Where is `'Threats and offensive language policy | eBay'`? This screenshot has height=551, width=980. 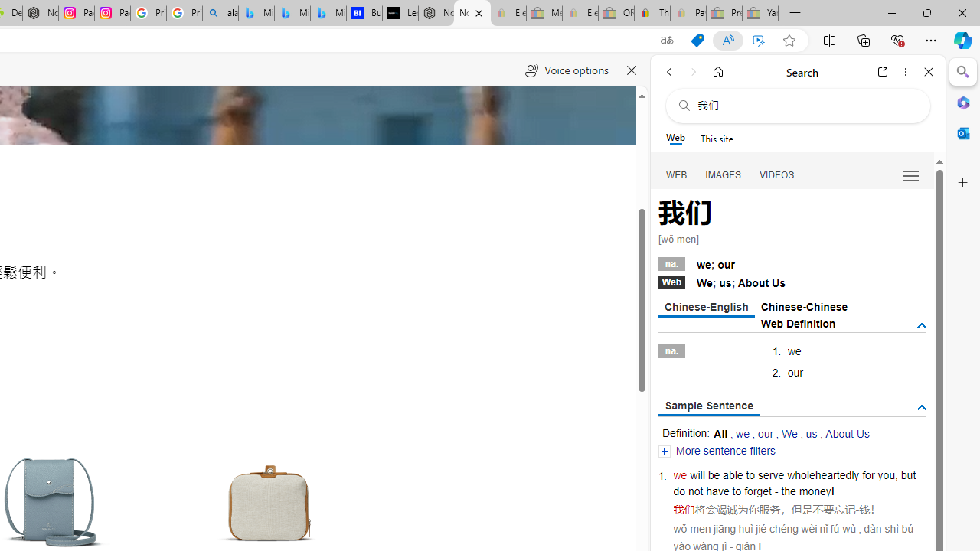
'Threats and offensive language policy | eBay' is located at coordinates (652, 13).